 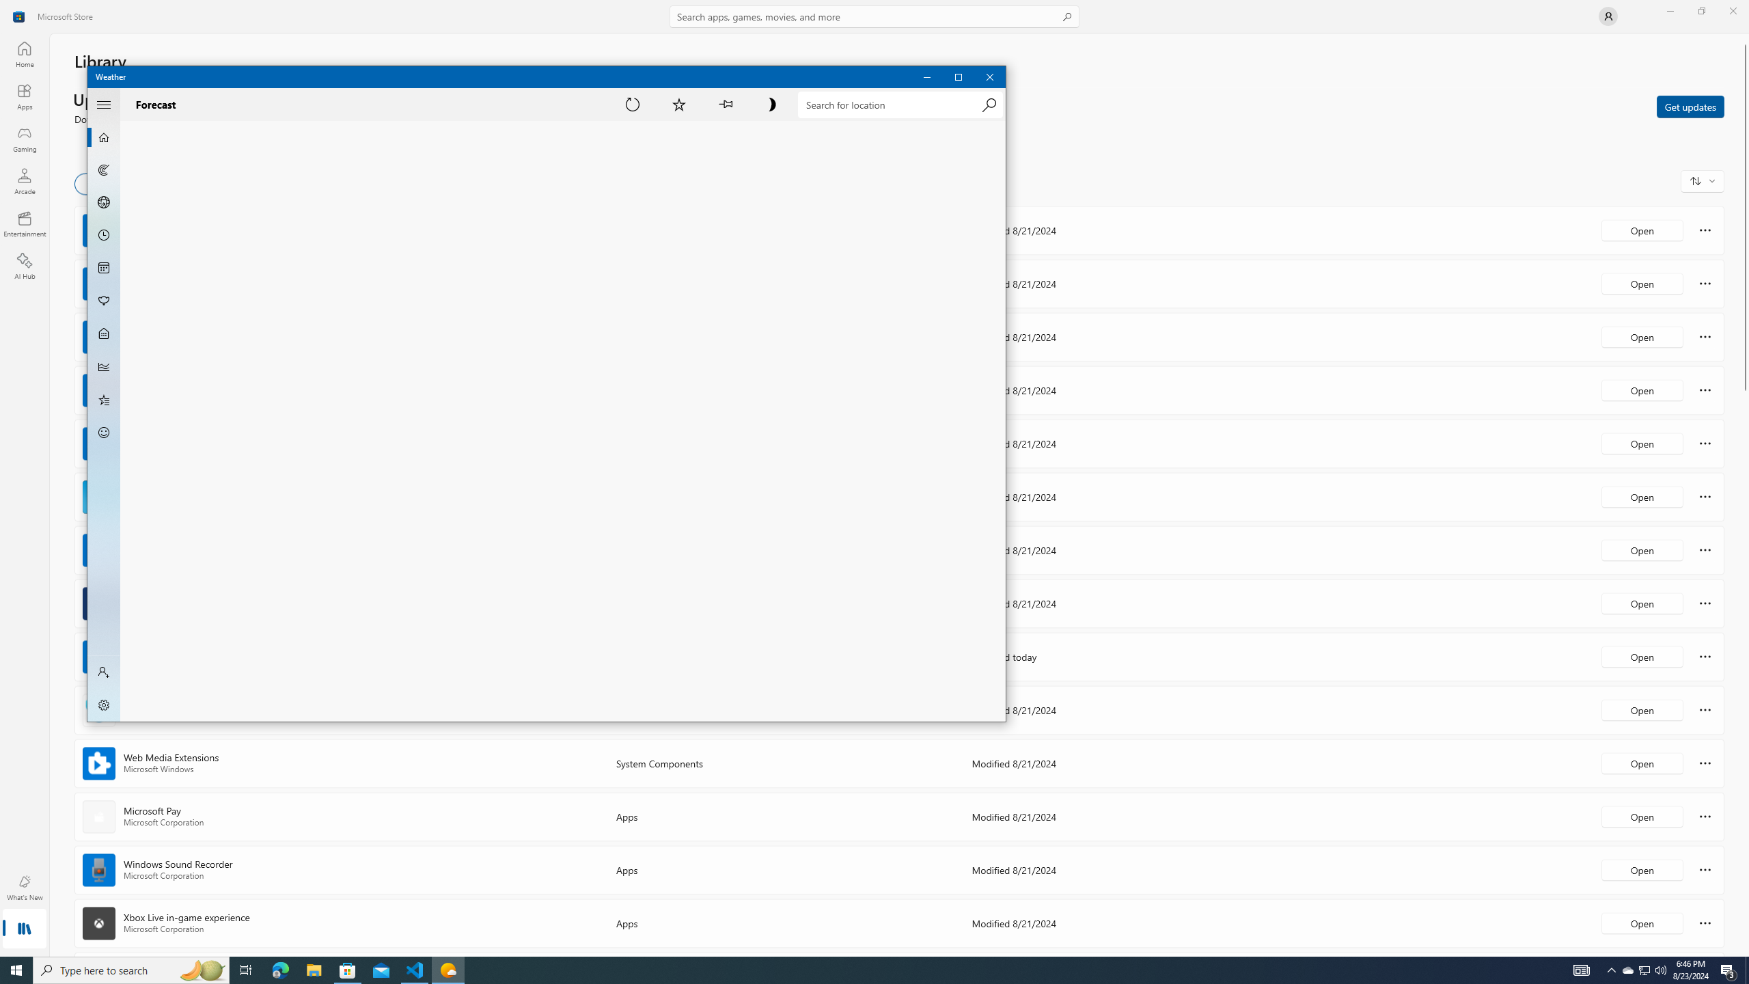 What do you see at coordinates (1744, 952) in the screenshot?
I see `'Vertical Small Increase'` at bounding box center [1744, 952].